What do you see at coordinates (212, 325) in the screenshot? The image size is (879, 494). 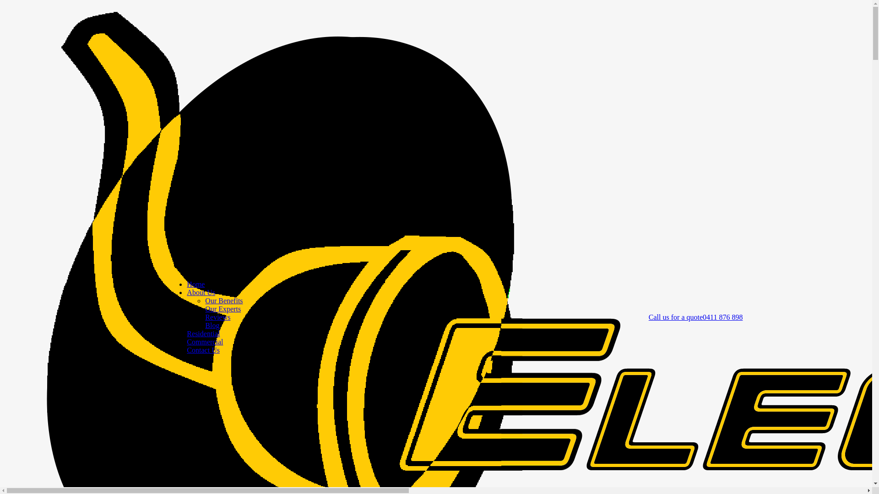 I see `'Blog'` at bounding box center [212, 325].